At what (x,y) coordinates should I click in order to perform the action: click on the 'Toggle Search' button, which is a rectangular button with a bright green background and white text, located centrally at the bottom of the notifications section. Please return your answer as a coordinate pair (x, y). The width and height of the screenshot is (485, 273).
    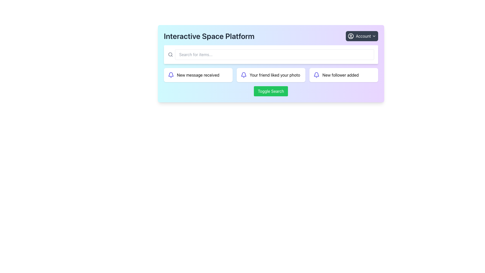
    Looking at the image, I should click on (271, 91).